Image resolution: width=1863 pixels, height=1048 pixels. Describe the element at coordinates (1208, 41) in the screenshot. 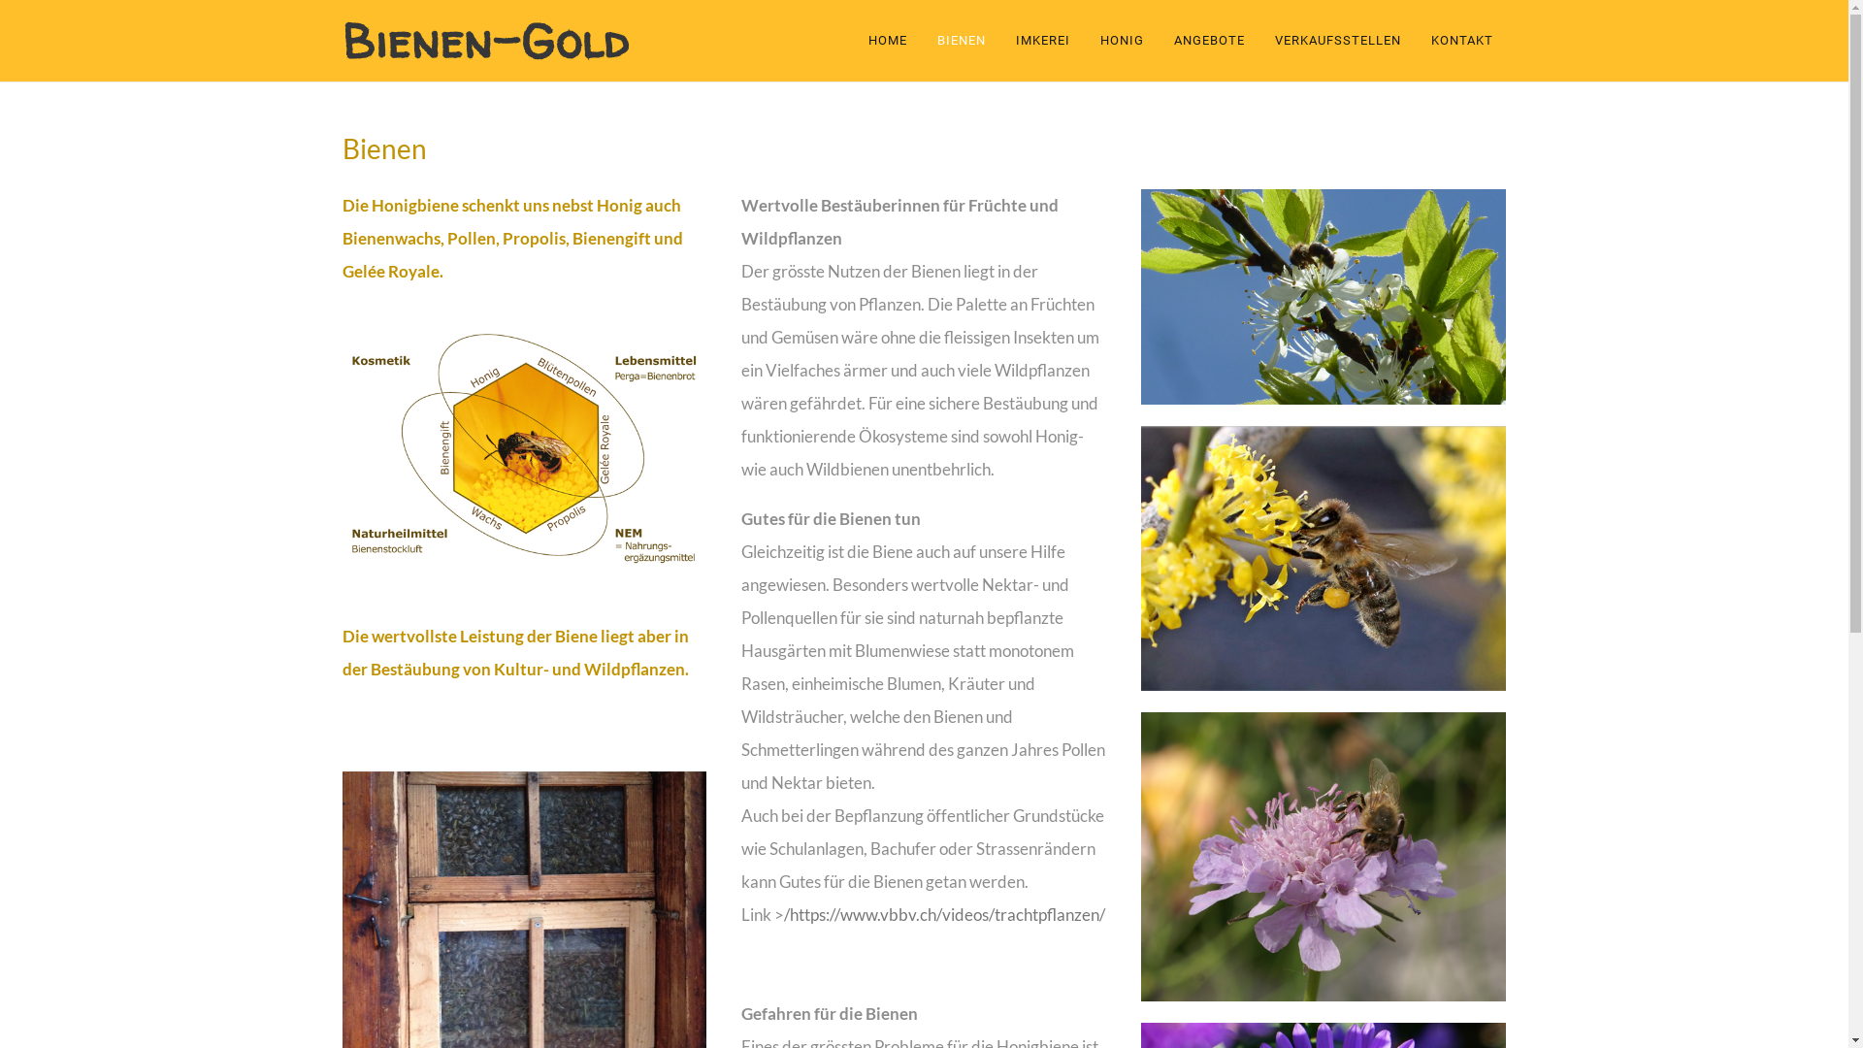

I see `'ANGEBOTE'` at that location.